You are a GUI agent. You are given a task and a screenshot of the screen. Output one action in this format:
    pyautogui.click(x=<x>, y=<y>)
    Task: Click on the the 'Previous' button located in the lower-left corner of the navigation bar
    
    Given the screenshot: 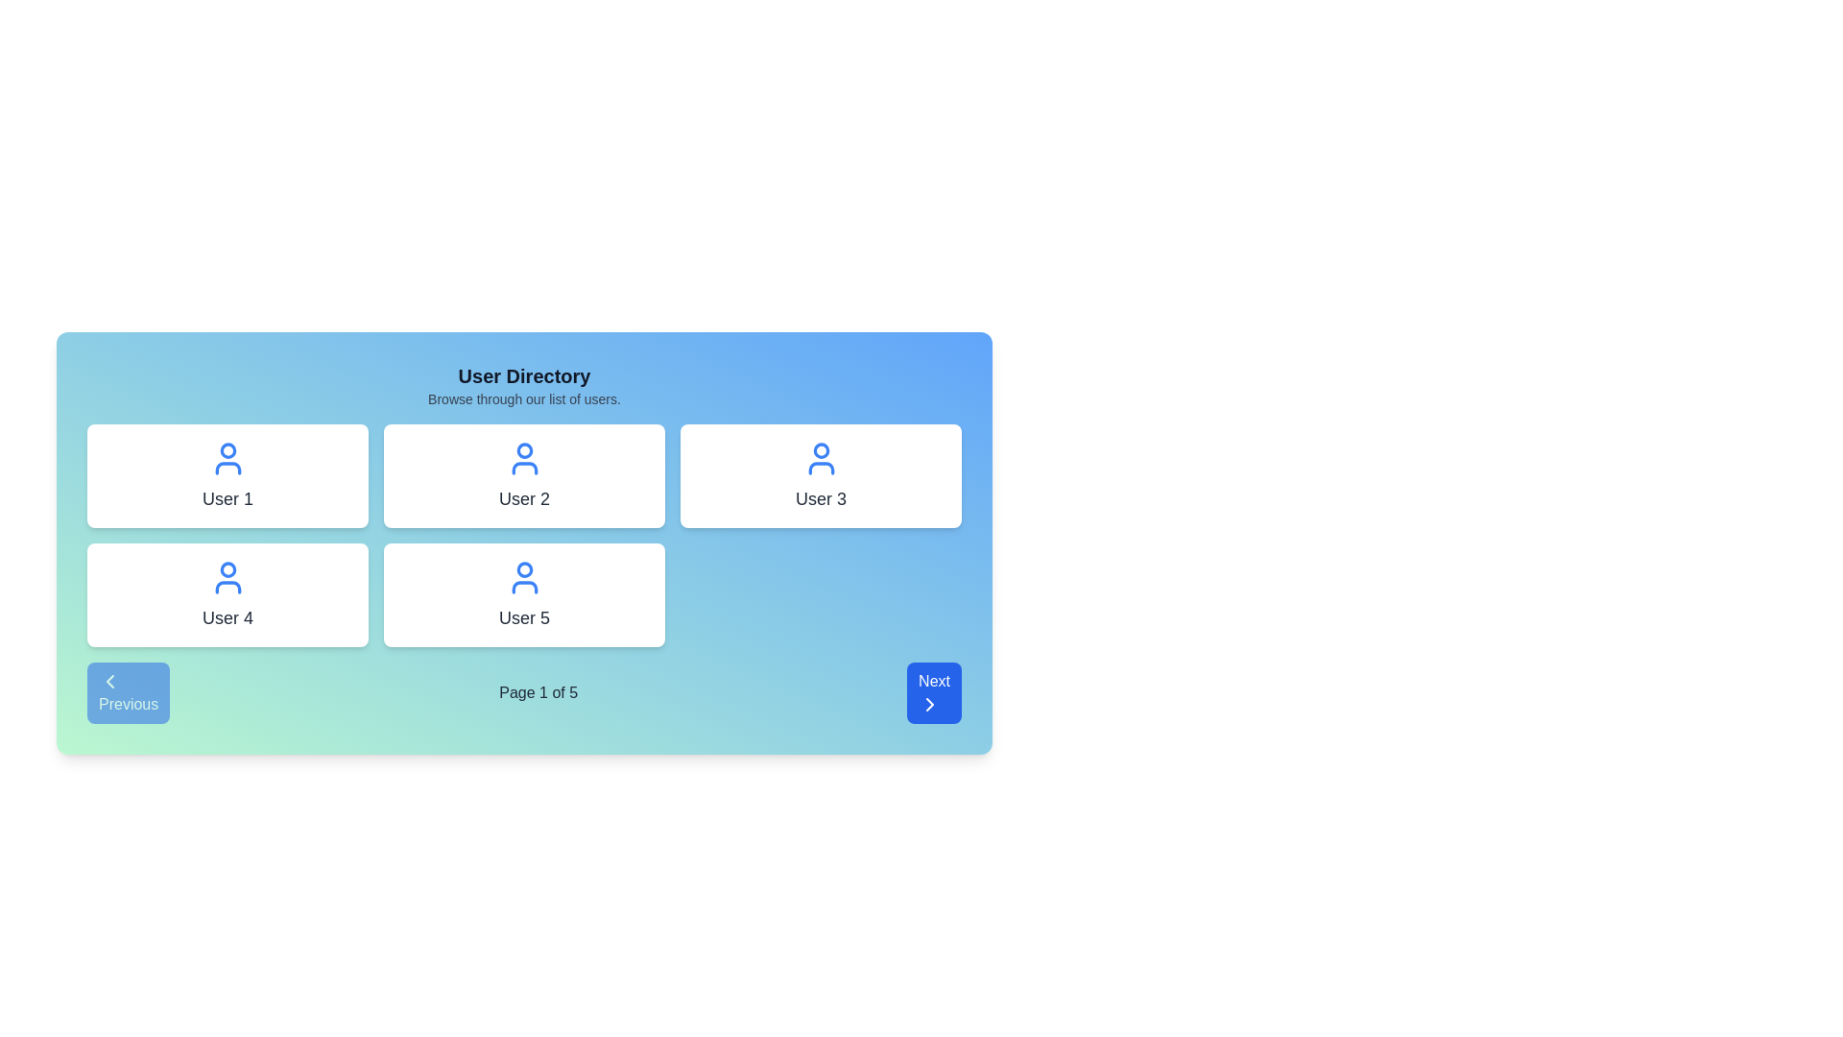 What is the action you would take?
    pyautogui.click(x=128, y=692)
    